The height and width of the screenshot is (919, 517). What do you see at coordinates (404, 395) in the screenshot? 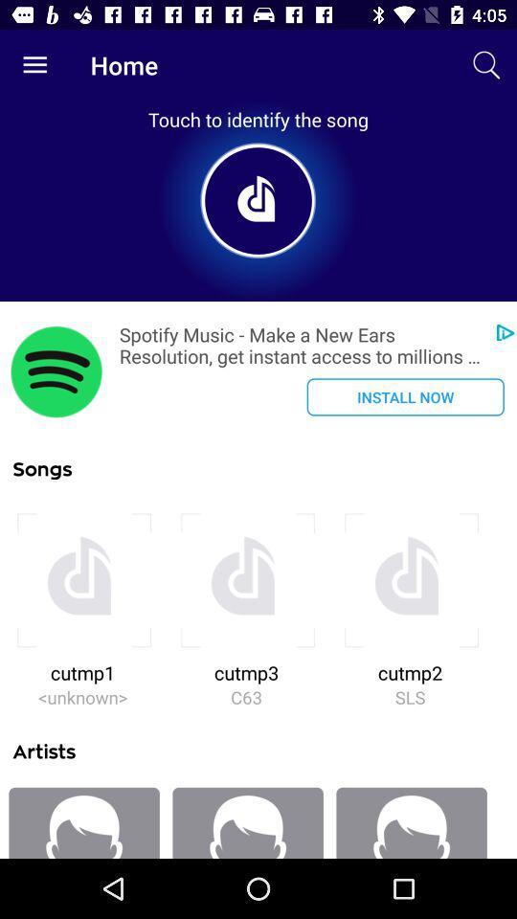
I see `icon below spotify music make item` at bounding box center [404, 395].